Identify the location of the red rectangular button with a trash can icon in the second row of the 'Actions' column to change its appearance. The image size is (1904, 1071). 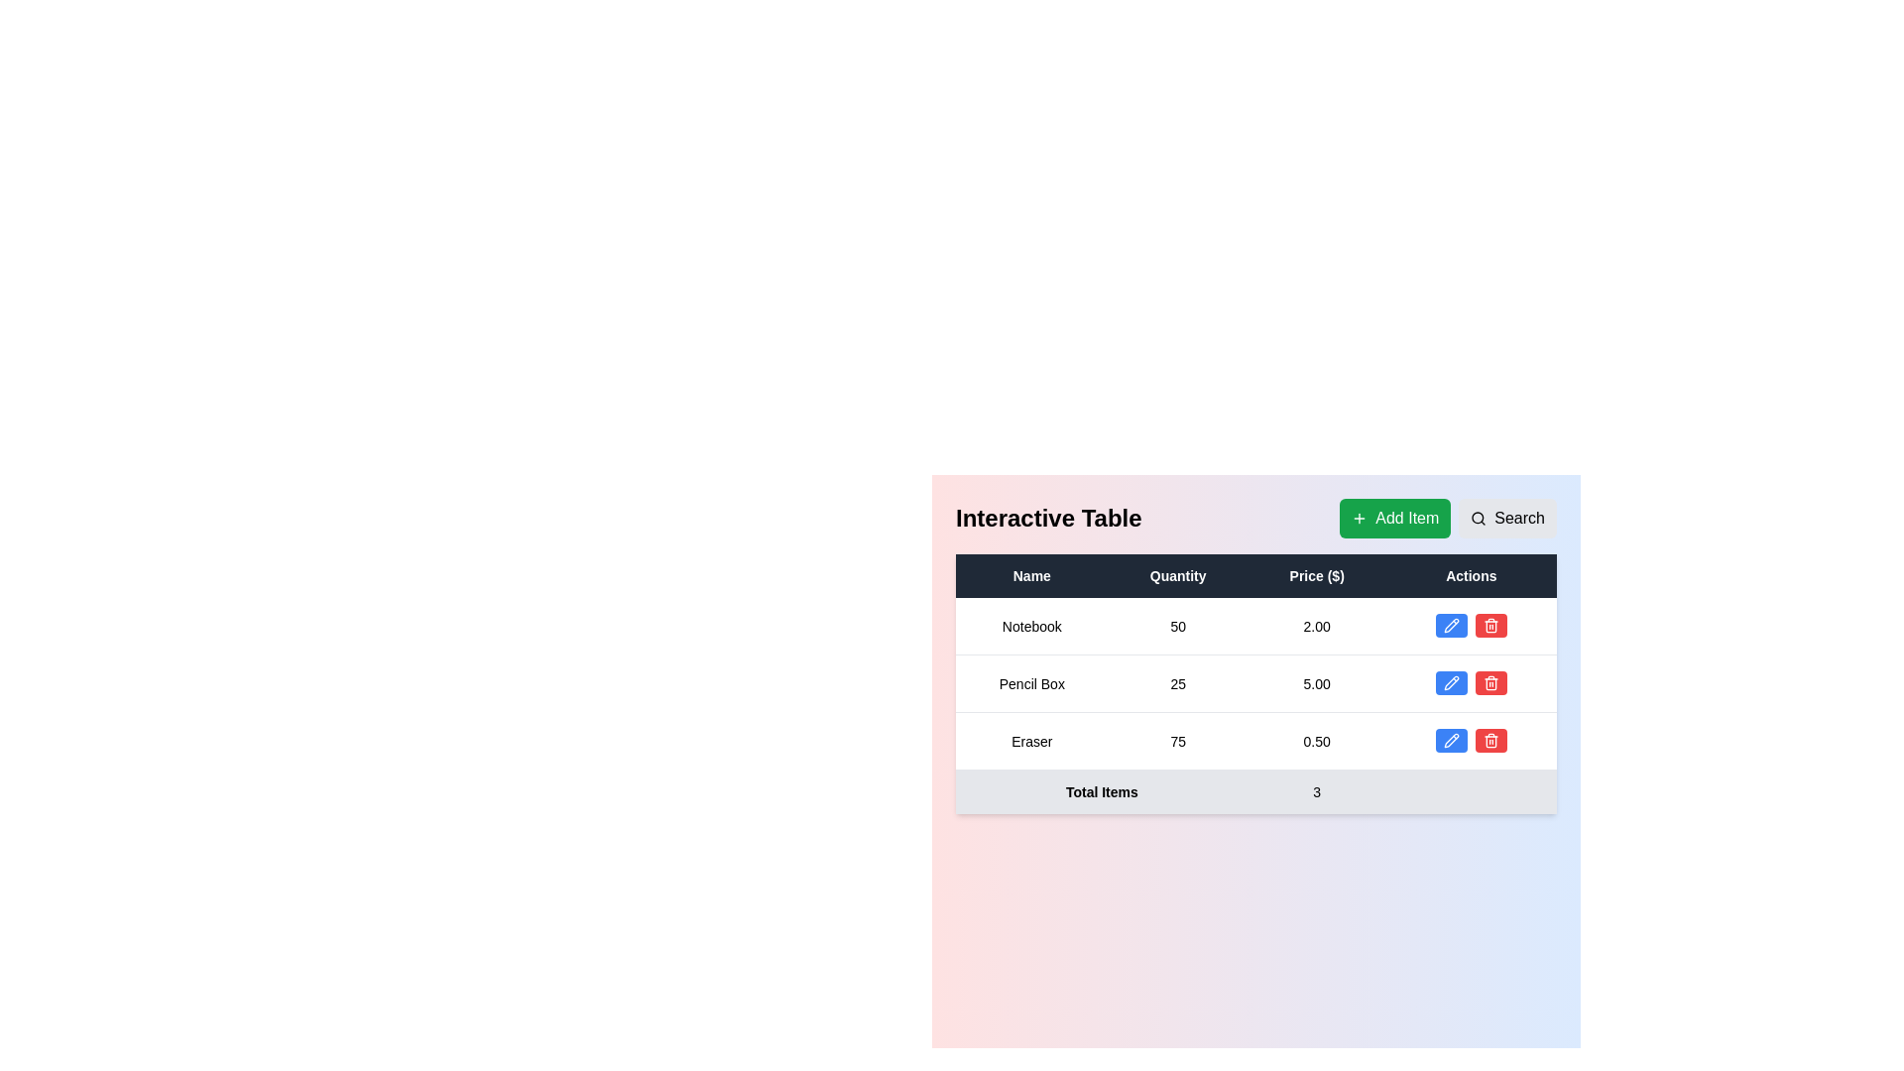
(1490, 682).